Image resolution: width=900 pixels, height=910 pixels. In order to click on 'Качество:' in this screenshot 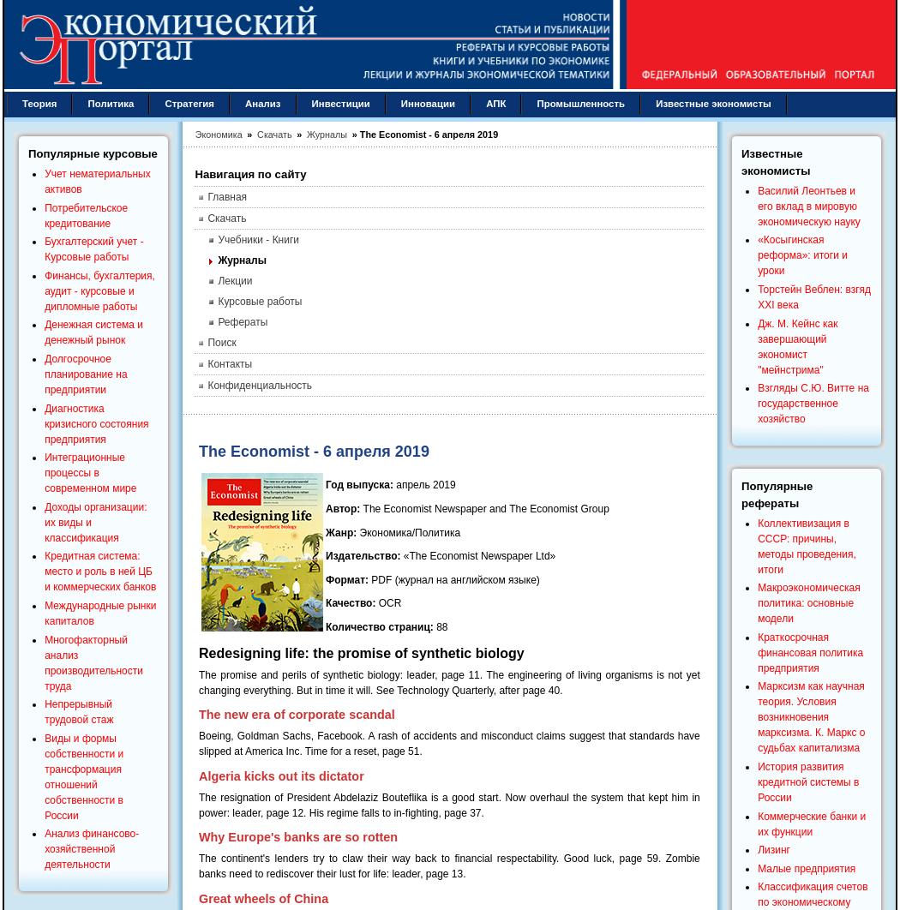, I will do `click(350, 602)`.